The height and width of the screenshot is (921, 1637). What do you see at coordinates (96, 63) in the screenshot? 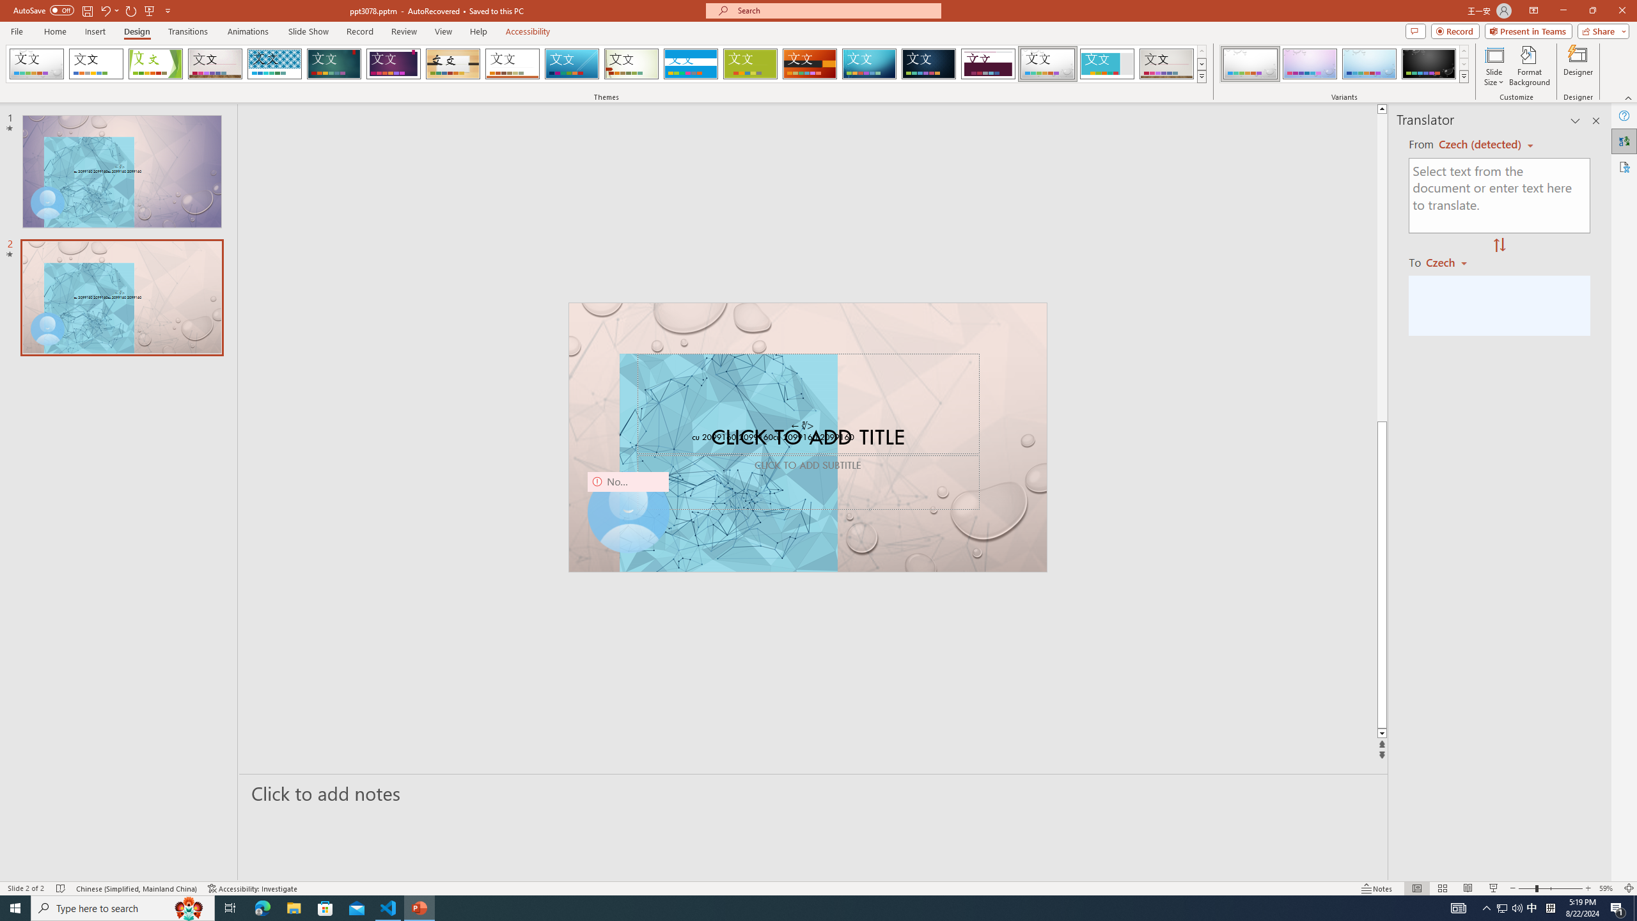
I see `'Office Theme'` at bounding box center [96, 63].